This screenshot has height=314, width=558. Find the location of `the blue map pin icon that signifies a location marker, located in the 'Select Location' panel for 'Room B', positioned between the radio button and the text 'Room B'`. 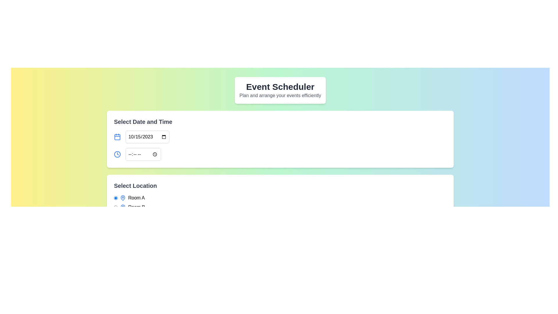

the blue map pin icon that signifies a location marker, located in the 'Select Location' panel for 'Room B', positioned between the radio button and the text 'Room B' is located at coordinates (123, 207).